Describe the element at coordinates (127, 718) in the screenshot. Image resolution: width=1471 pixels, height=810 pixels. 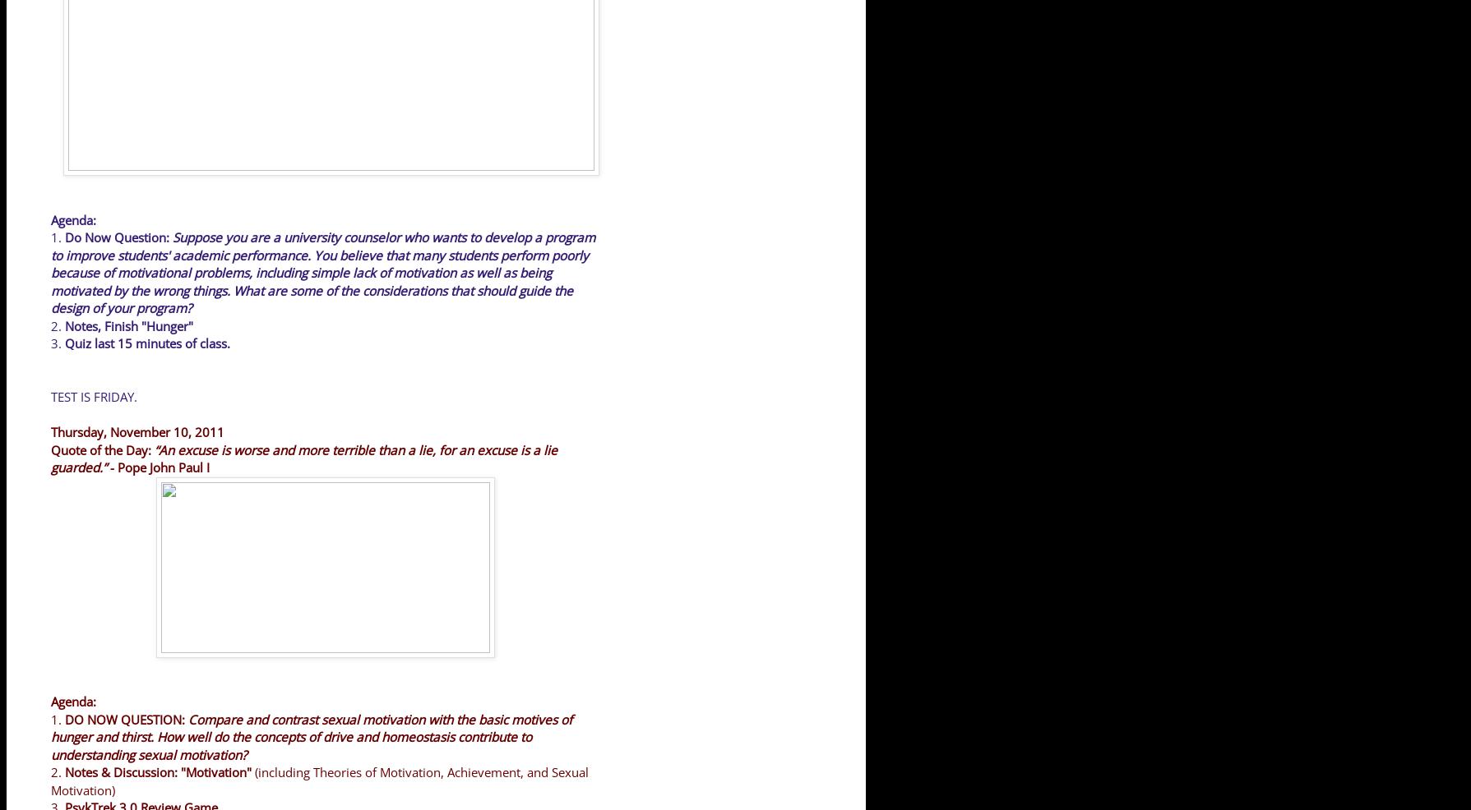
I see `'DO NOW QUESTION:'` at that location.